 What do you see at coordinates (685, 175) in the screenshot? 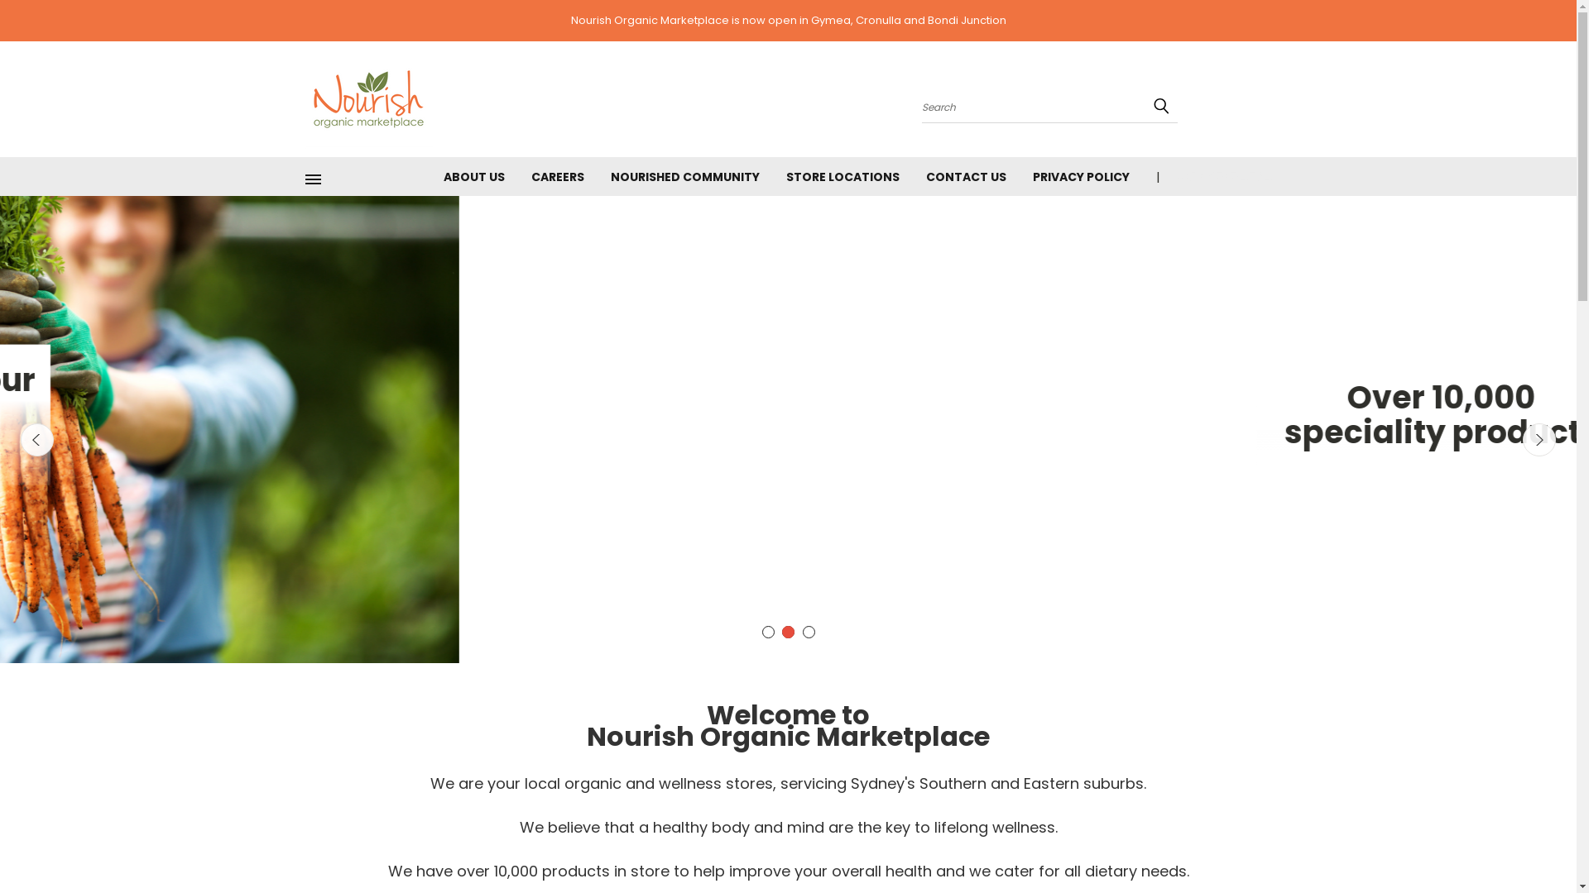
I see `'NOURISHED COMMUNITY'` at bounding box center [685, 175].